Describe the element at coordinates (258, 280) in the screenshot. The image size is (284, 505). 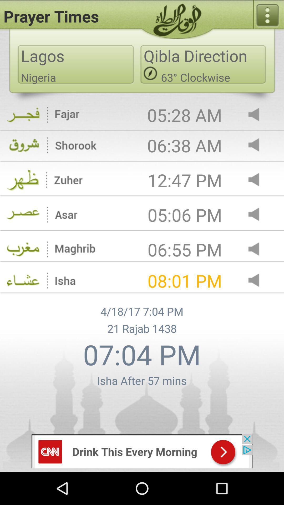
I see `isha prayer` at that location.